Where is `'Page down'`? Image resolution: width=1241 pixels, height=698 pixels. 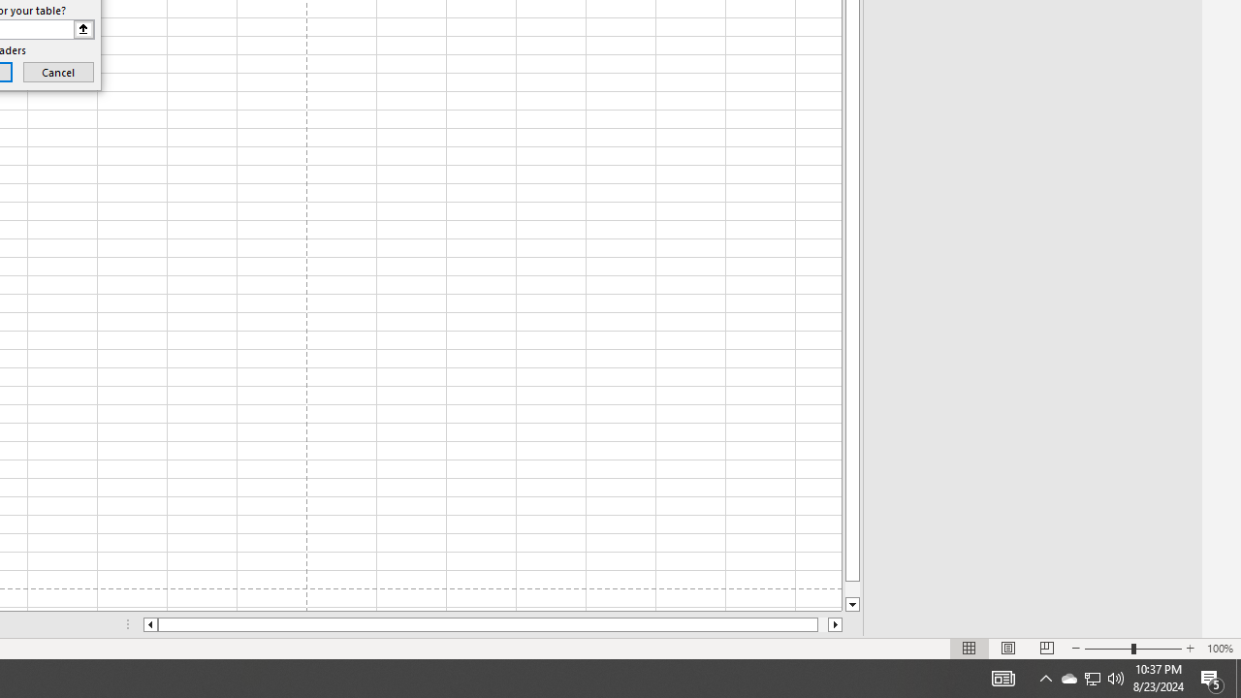
'Page down' is located at coordinates (852, 588).